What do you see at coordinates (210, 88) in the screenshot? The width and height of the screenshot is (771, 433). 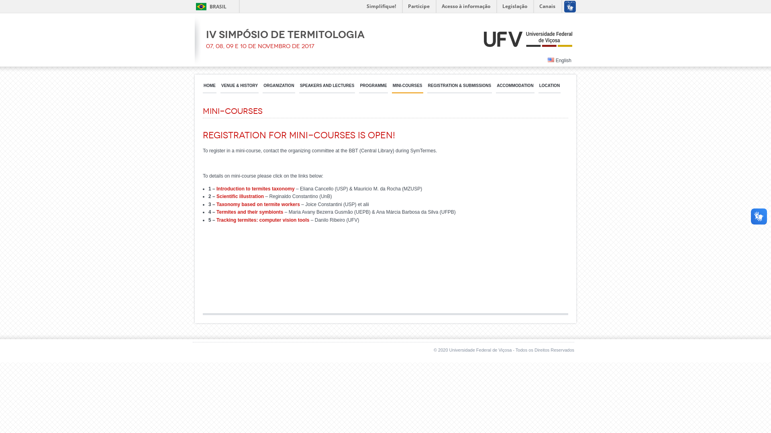 I see `'HOME'` at bounding box center [210, 88].